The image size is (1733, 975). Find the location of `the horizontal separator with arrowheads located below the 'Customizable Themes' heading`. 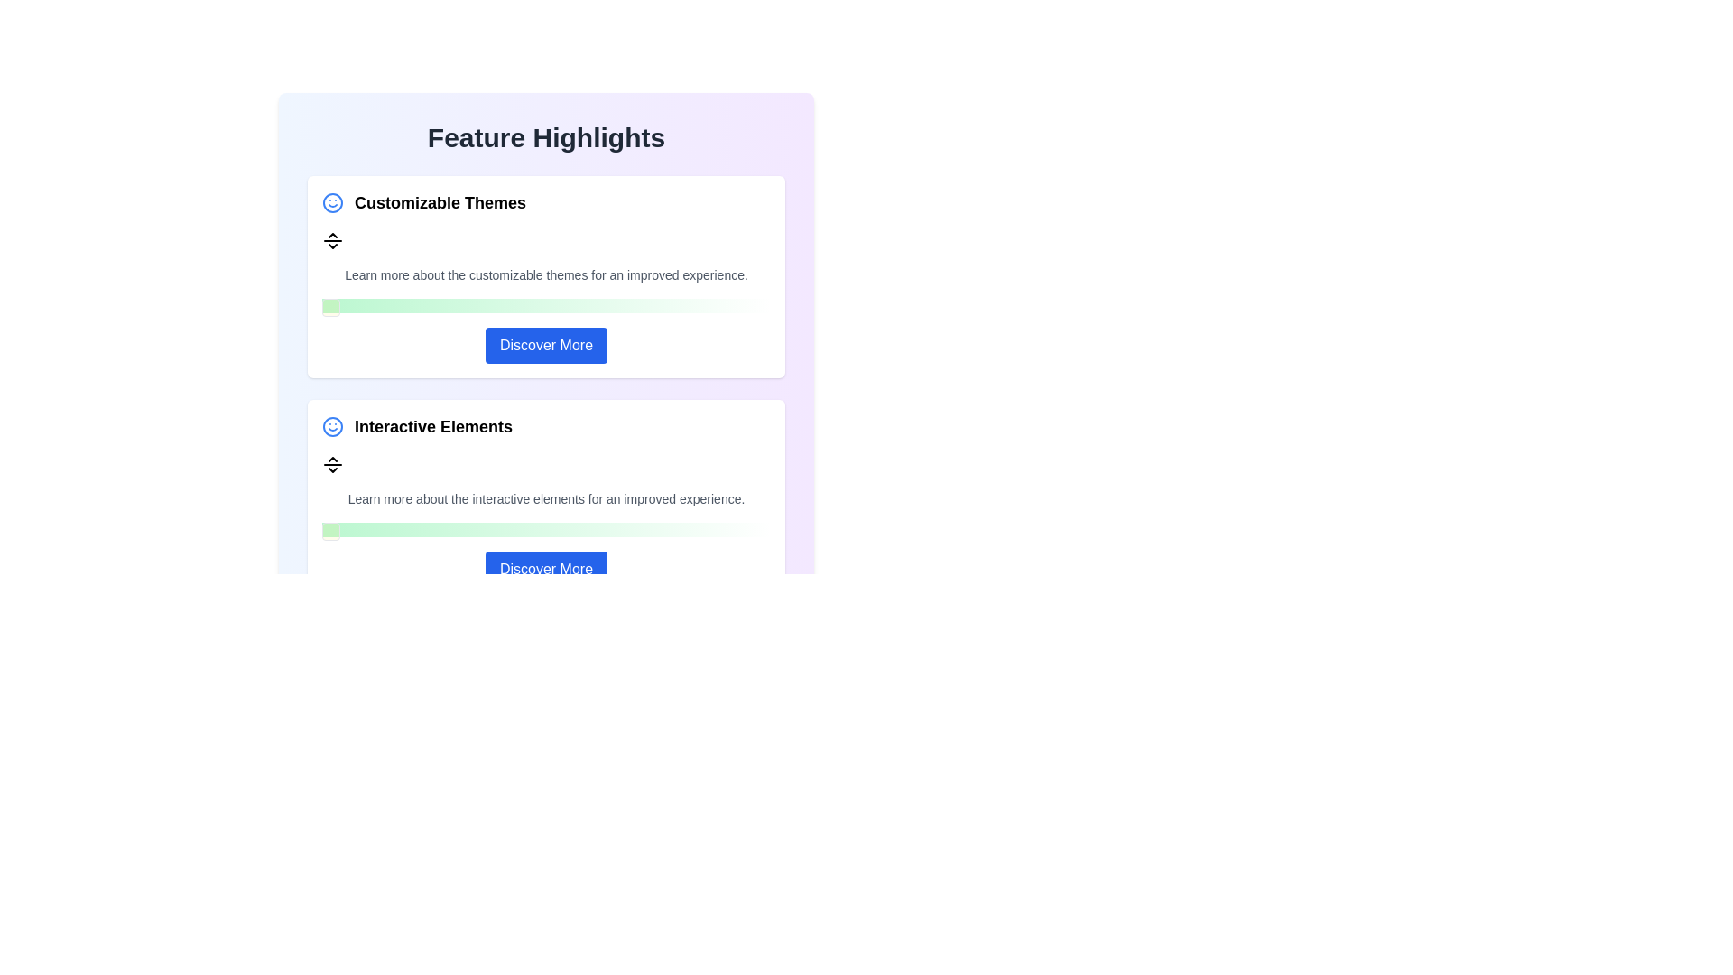

the horizontal separator with arrowheads located below the 'Customizable Themes' heading is located at coordinates (333, 239).